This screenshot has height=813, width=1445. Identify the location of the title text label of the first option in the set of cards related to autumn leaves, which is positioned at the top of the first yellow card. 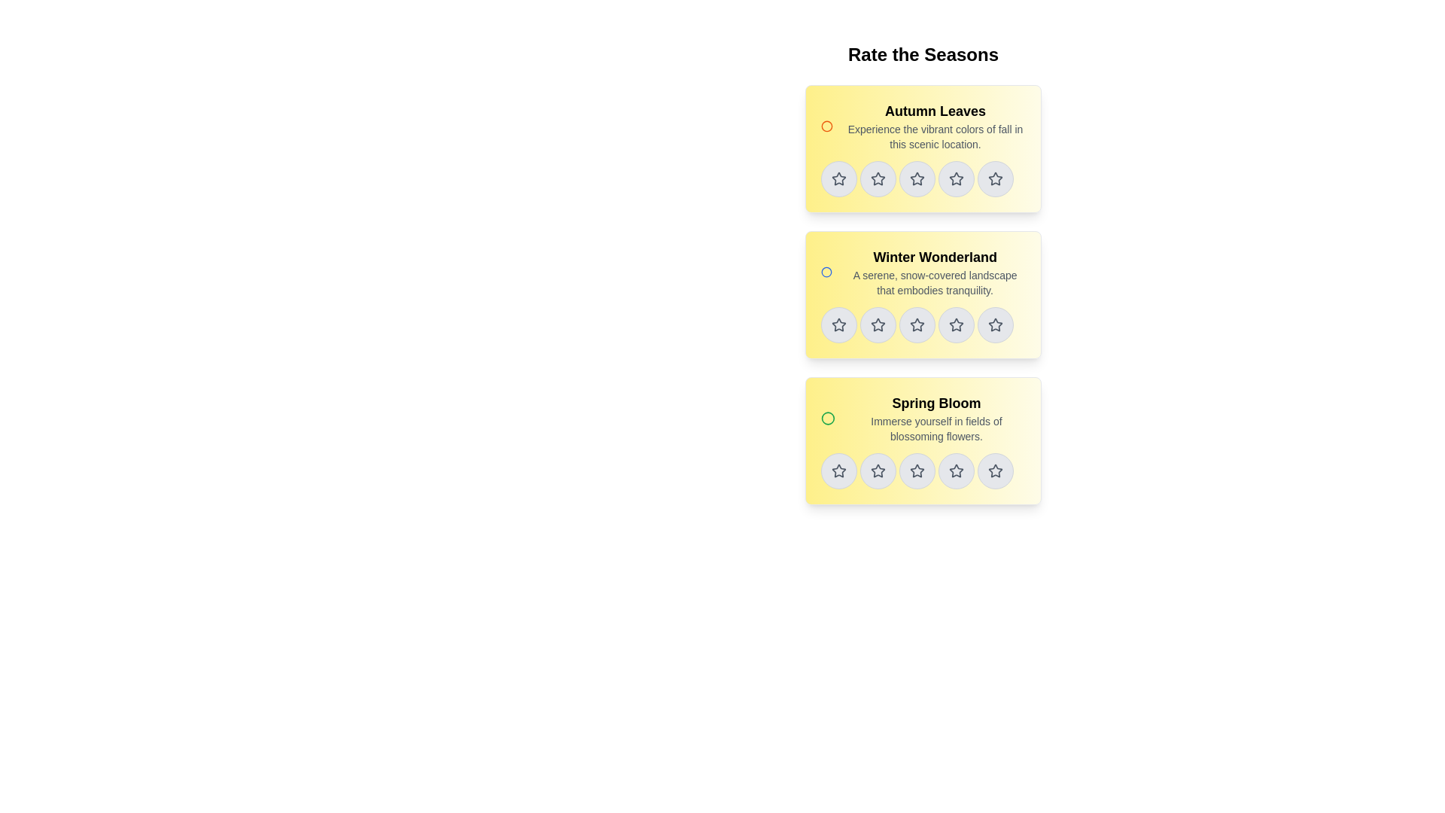
(935, 110).